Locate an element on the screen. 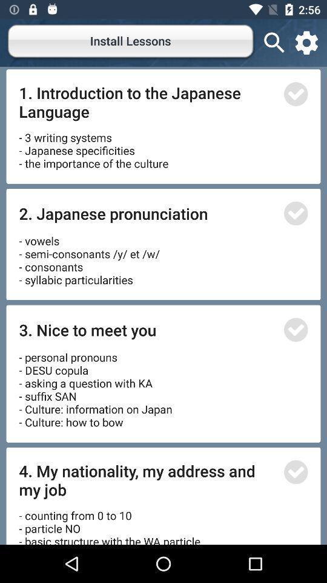 The width and height of the screenshot is (327, 583). configurations is located at coordinates (306, 43).